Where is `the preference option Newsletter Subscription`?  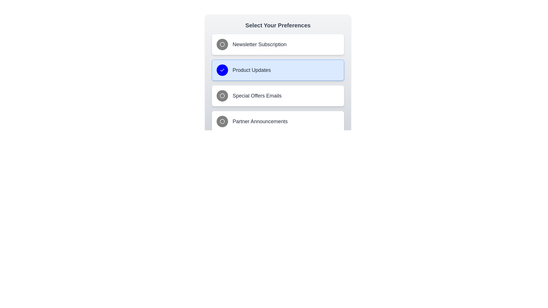
the preference option Newsletter Subscription is located at coordinates (278, 44).